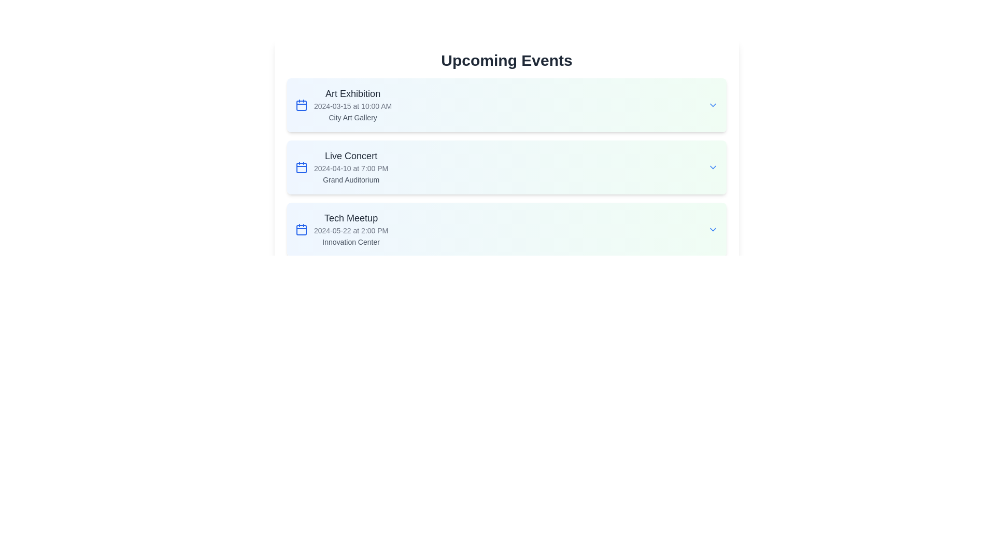 This screenshot has height=560, width=995. I want to click on the 'Live Concert' event listing in the 'Upcoming Events' section, so click(351, 167).